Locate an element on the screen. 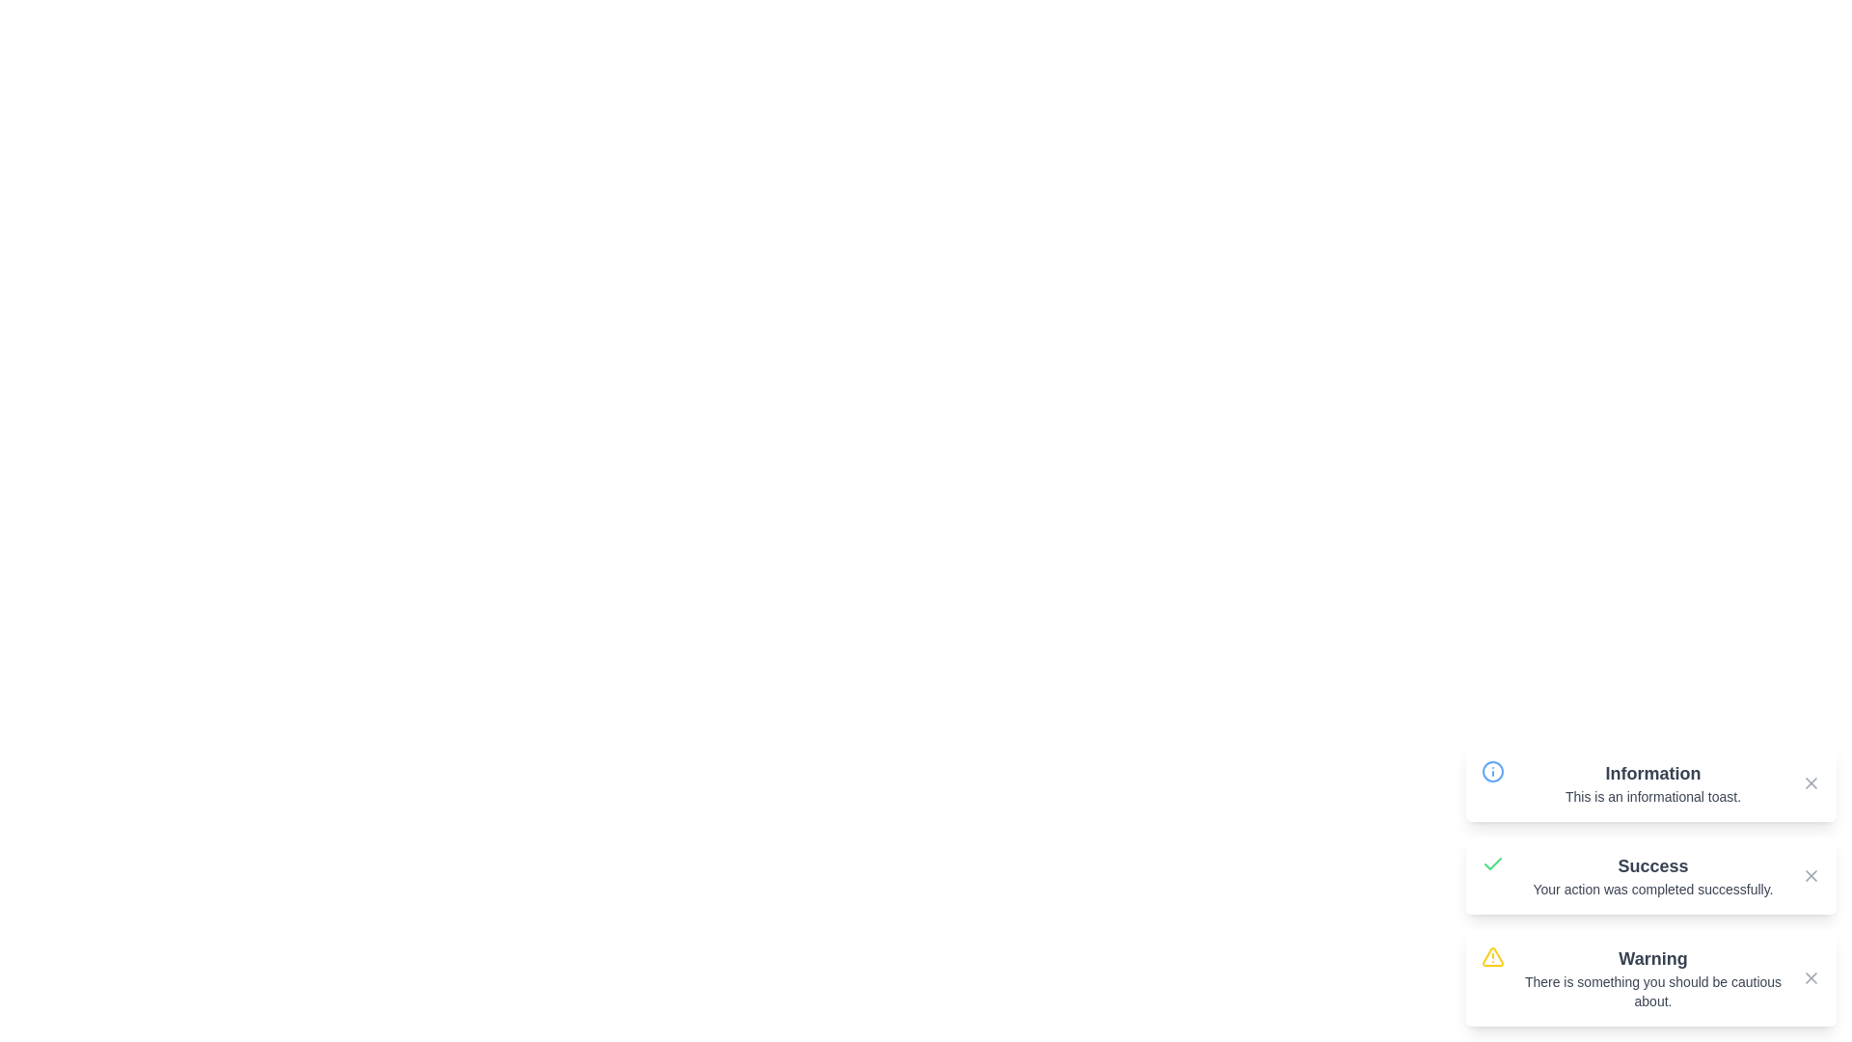 This screenshot has height=1042, width=1852. the small green checkmark-shaped icon that indicates success, located in the top-right section of the 'Success' notification card is located at coordinates (1492, 863).